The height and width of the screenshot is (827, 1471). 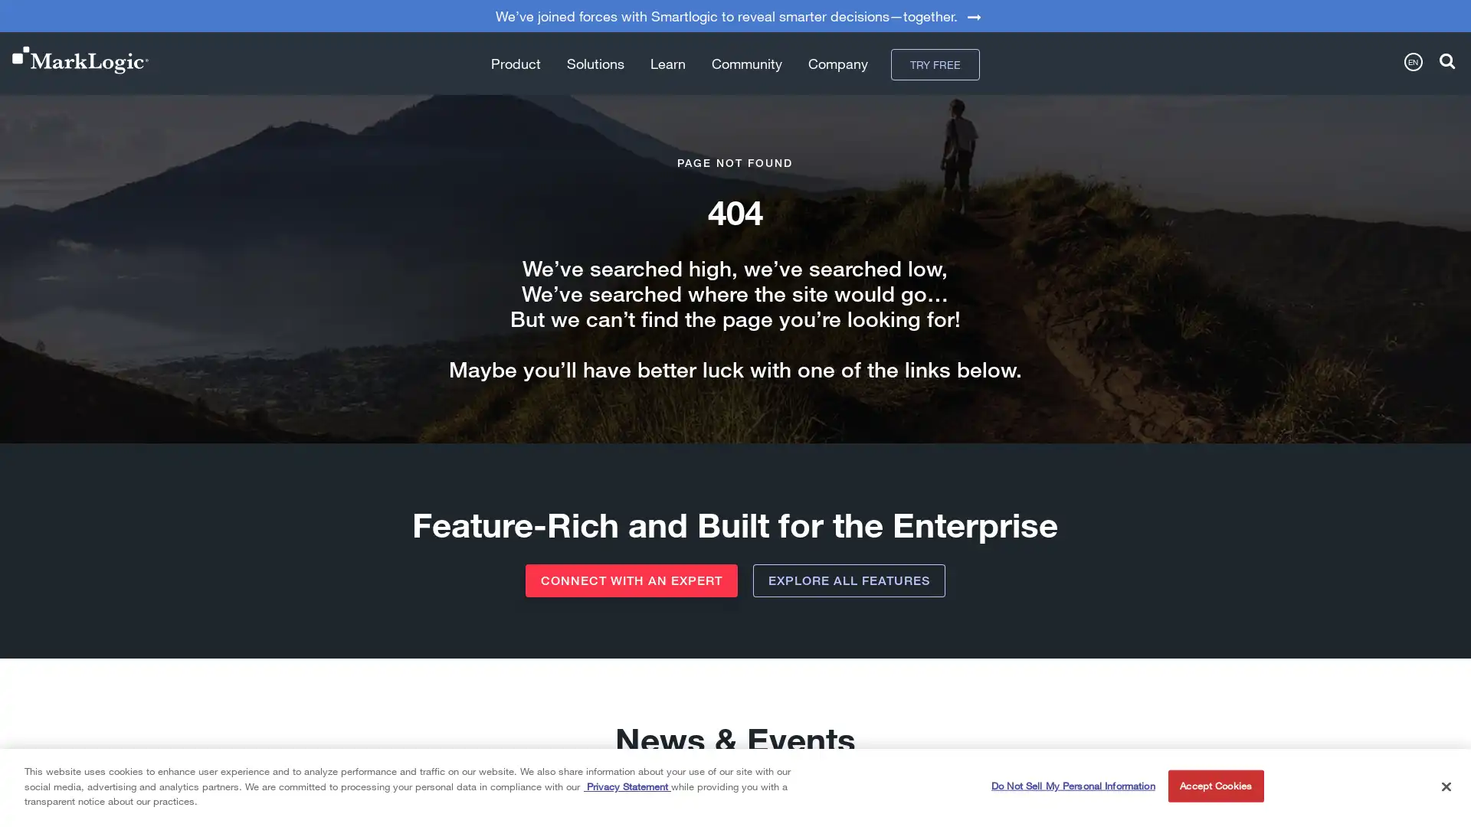 I want to click on Accept Cookies, so click(x=1214, y=786).